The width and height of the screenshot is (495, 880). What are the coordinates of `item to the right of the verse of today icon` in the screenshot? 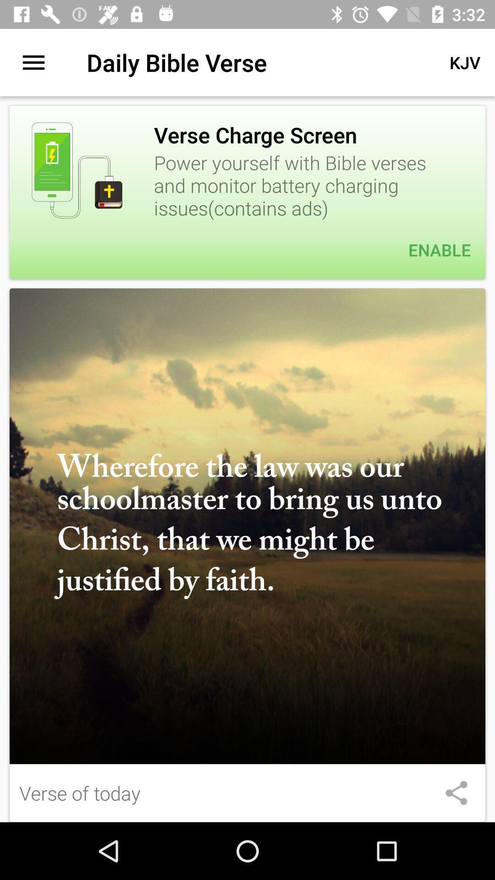 It's located at (456, 792).